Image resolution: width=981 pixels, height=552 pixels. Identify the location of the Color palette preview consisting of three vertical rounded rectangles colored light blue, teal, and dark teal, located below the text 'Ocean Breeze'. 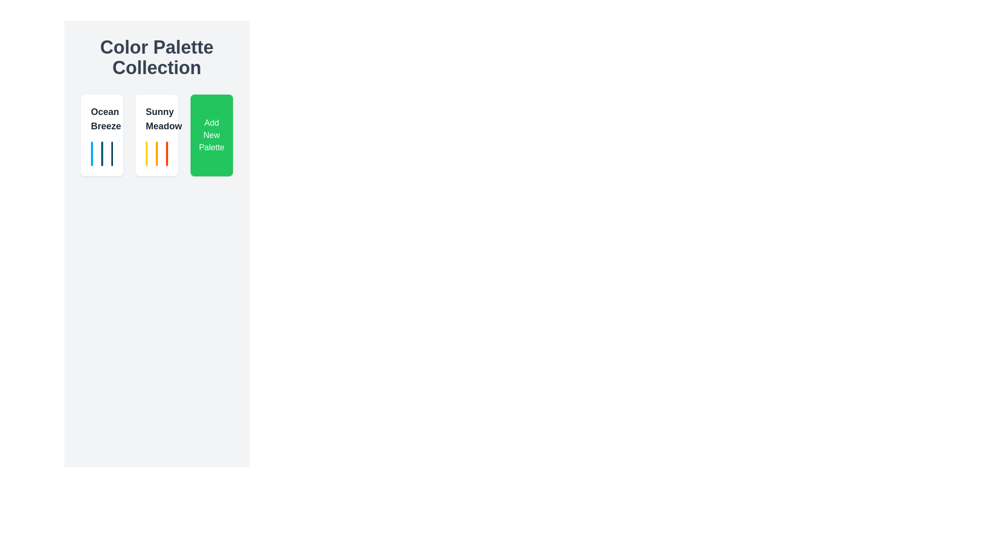
(102, 153).